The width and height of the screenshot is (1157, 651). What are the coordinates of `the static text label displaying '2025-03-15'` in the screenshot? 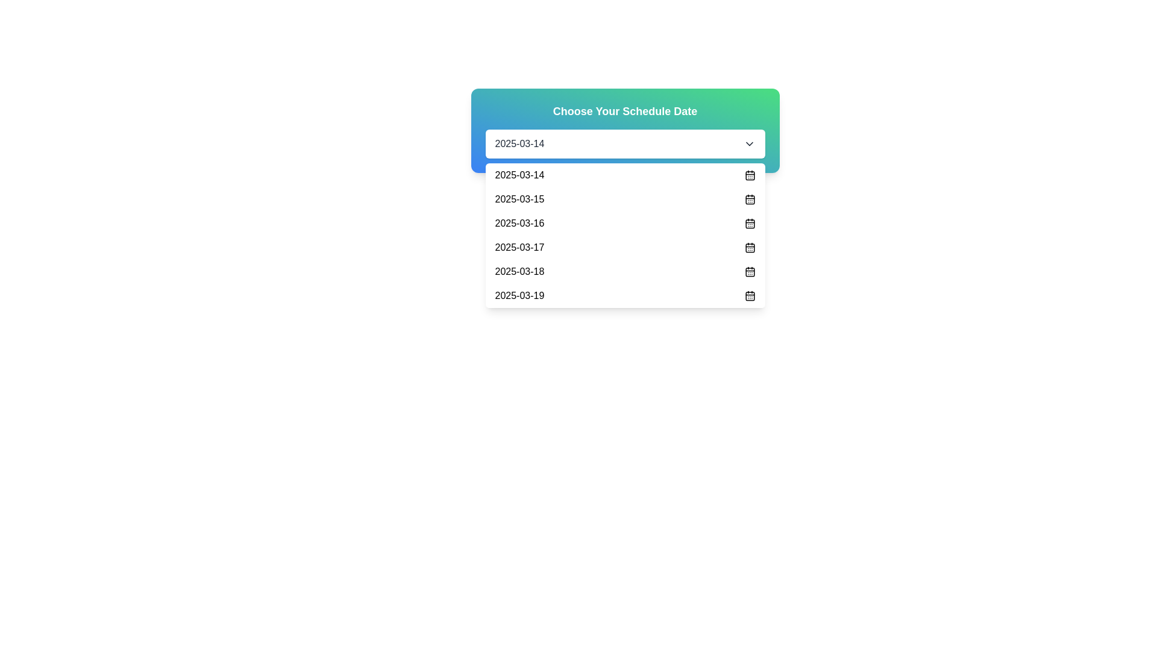 It's located at (519, 199).